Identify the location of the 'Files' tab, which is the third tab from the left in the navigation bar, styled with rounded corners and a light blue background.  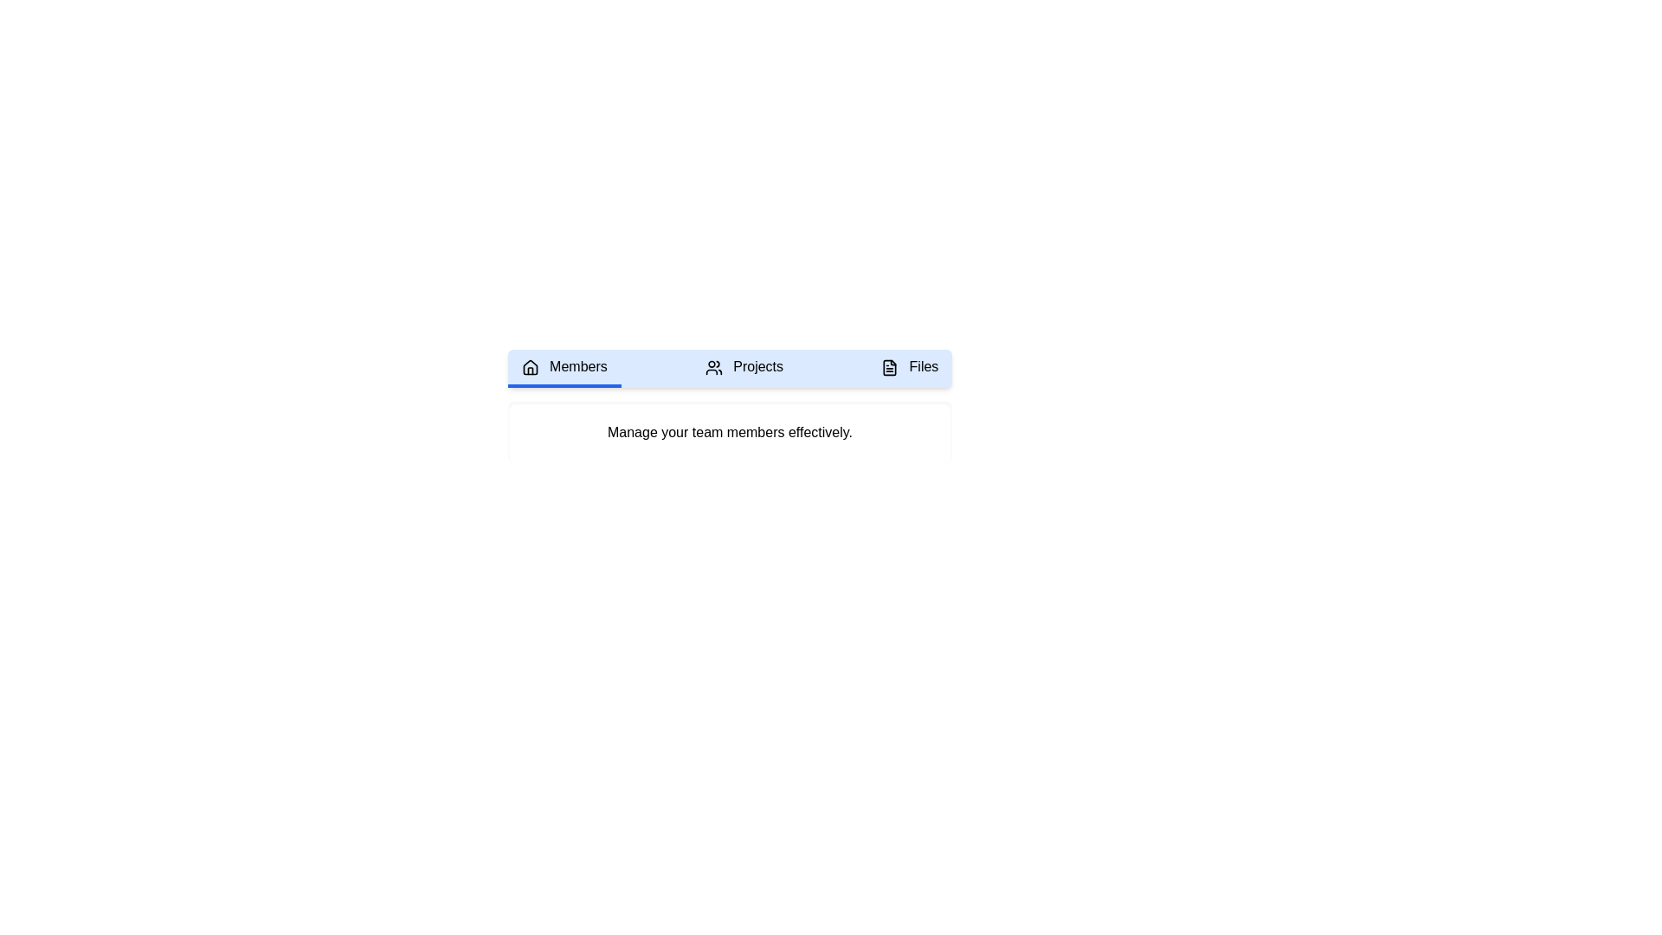
(909, 367).